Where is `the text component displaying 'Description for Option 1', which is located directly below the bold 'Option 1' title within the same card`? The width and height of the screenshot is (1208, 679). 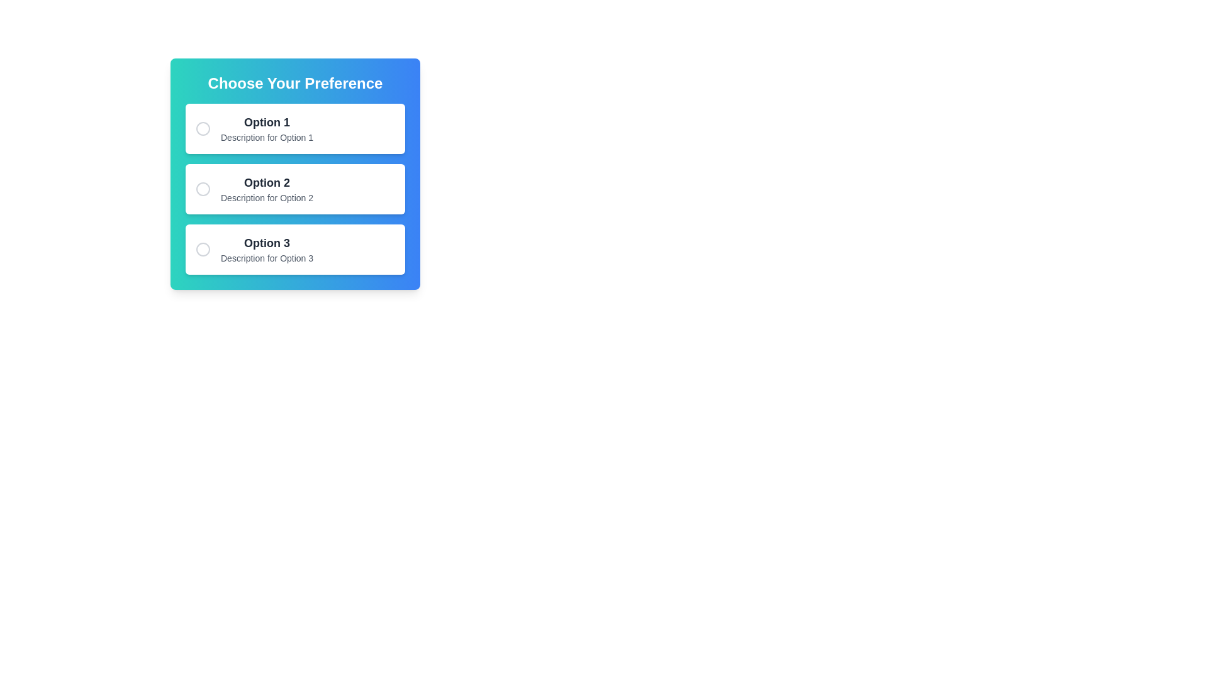
the text component displaying 'Description for Option 1', which is located directly below the bold 'Option 1' title within the same card is located at coordinates (266, 138).